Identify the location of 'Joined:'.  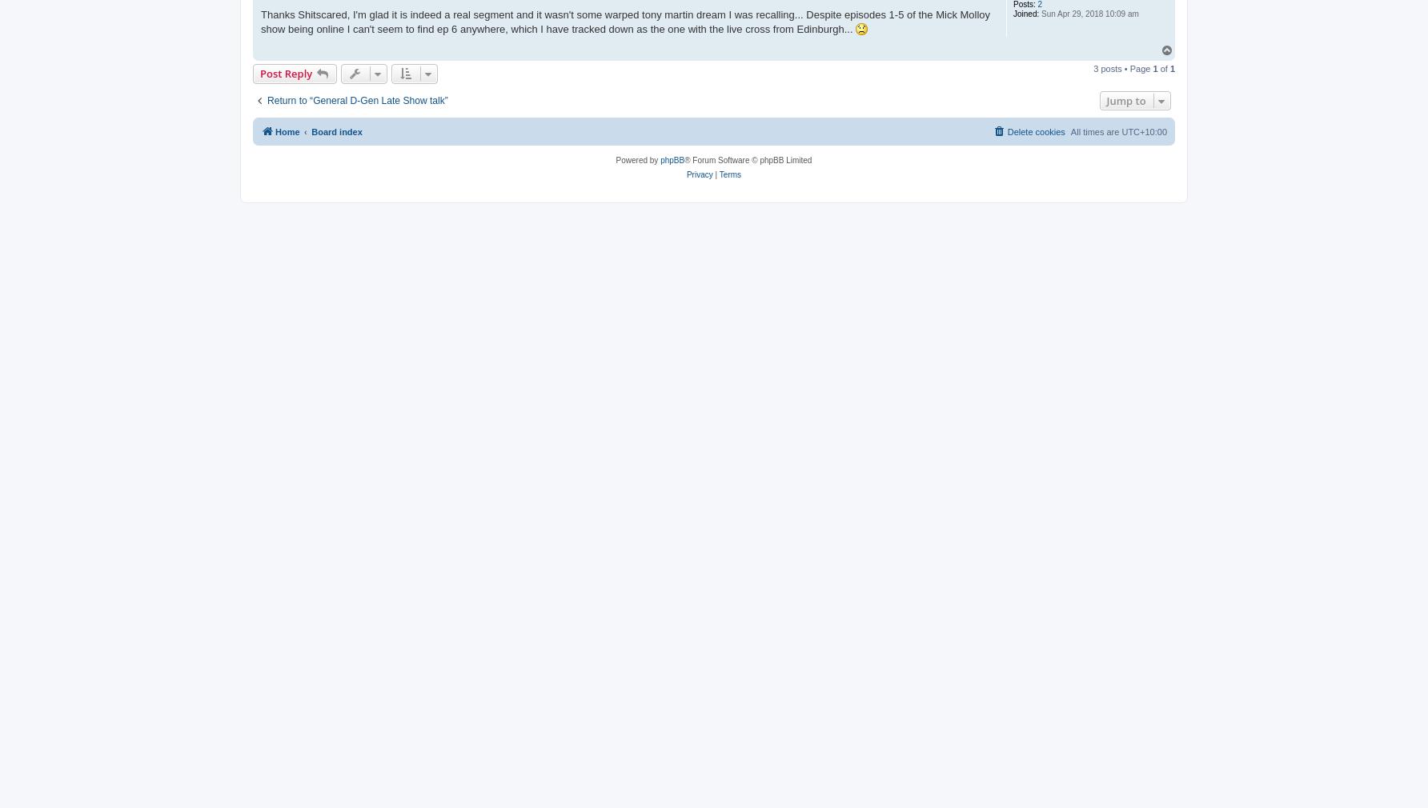
(1025, 13).